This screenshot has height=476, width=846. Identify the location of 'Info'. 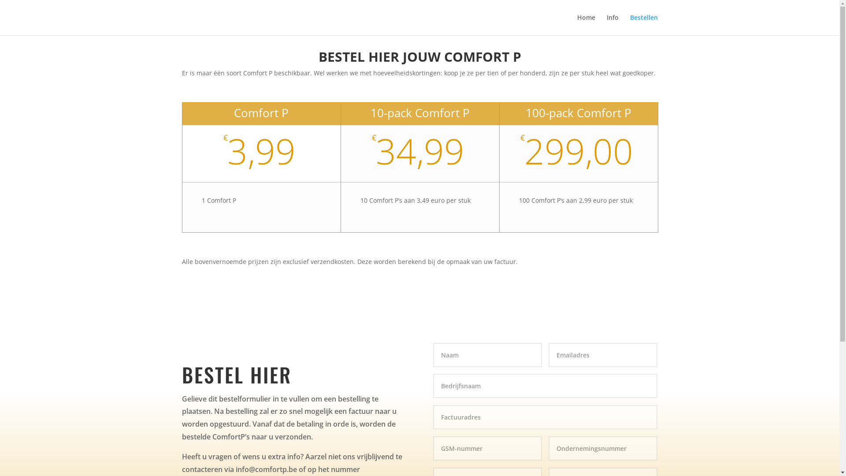
(612, 24).